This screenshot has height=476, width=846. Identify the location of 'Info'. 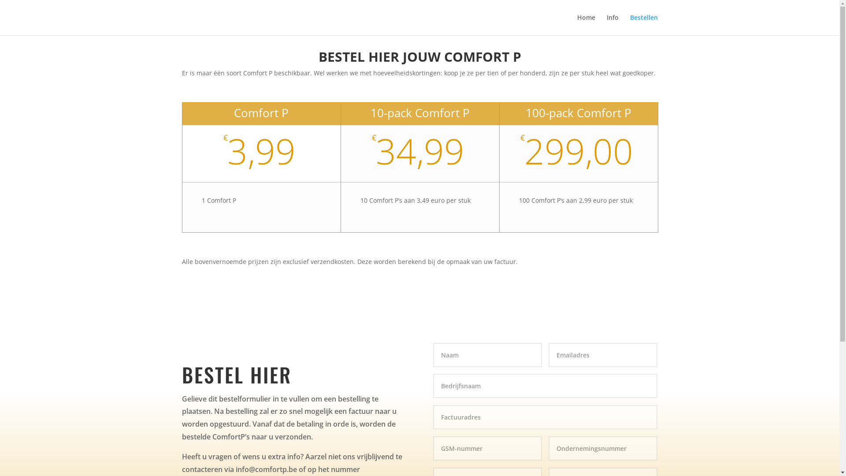
(612, 24).